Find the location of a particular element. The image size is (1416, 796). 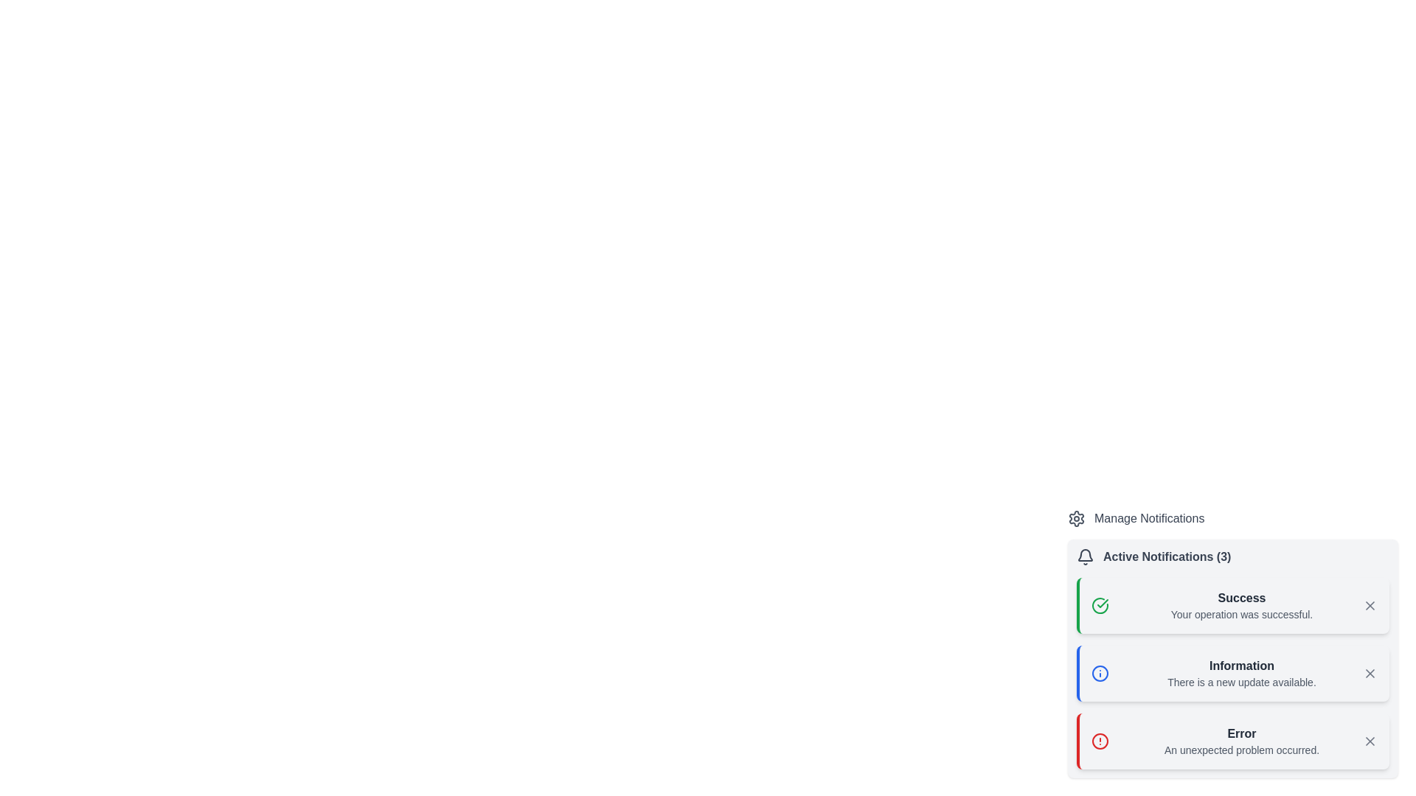

the central body portion of the bell icon located in the top-right corner of the application interface is located at coordinates (1086, 555).